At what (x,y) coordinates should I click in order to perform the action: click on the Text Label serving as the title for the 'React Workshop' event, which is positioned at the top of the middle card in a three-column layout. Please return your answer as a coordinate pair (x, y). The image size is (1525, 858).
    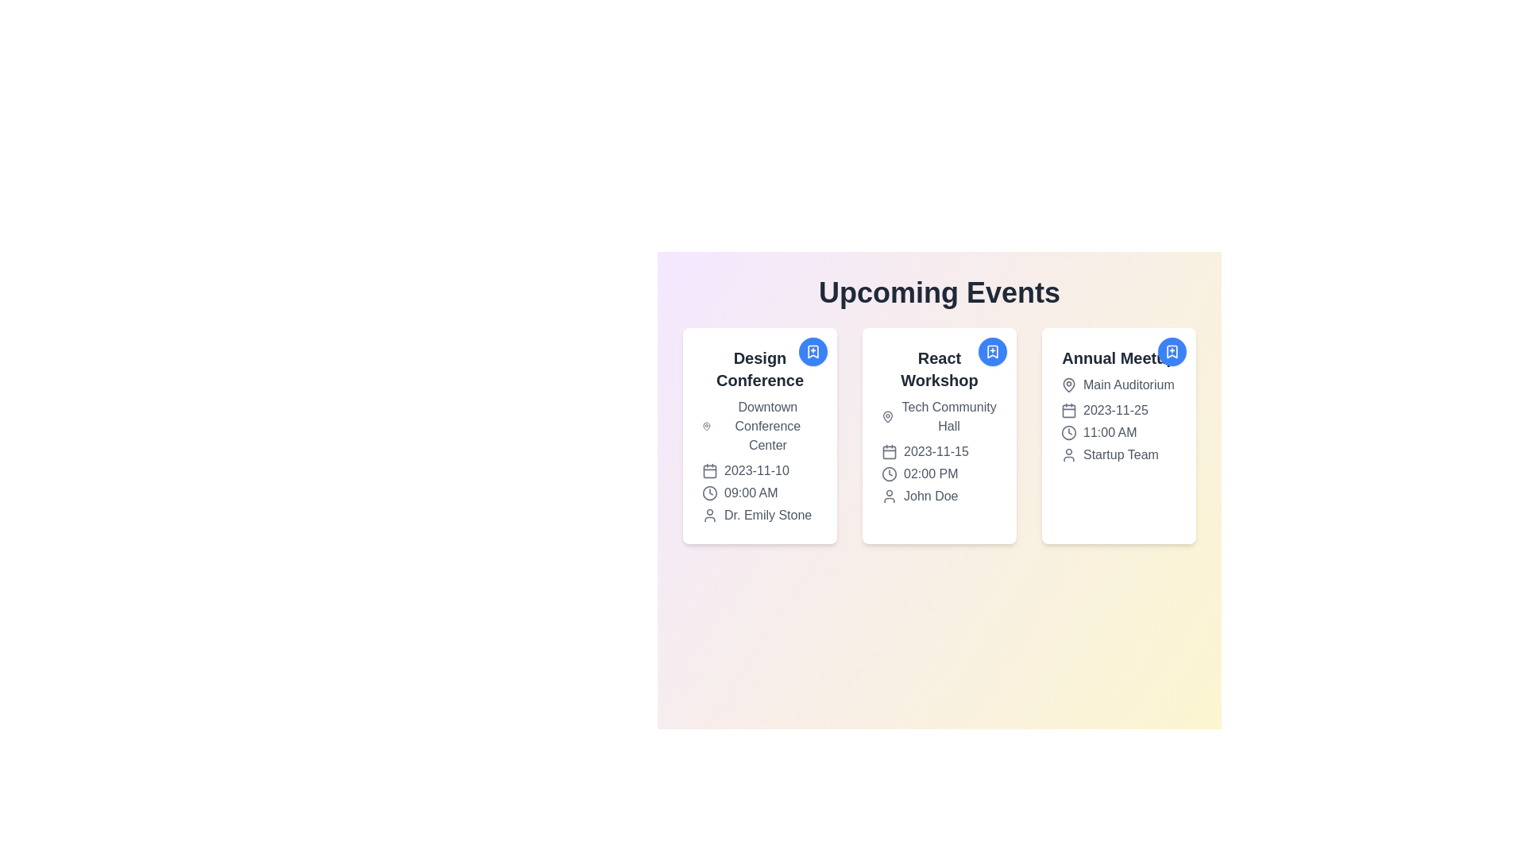
    Looking at the image, I should click on (939, 369).